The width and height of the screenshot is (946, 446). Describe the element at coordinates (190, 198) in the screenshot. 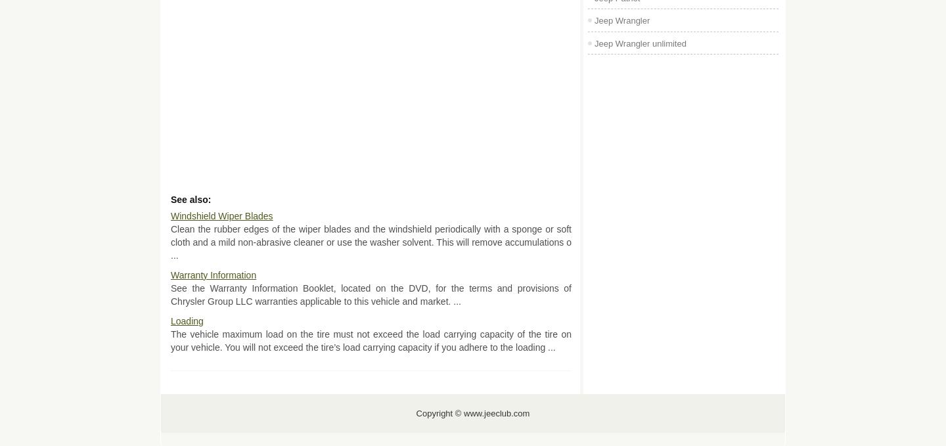

I see `'See also:'` at that location.